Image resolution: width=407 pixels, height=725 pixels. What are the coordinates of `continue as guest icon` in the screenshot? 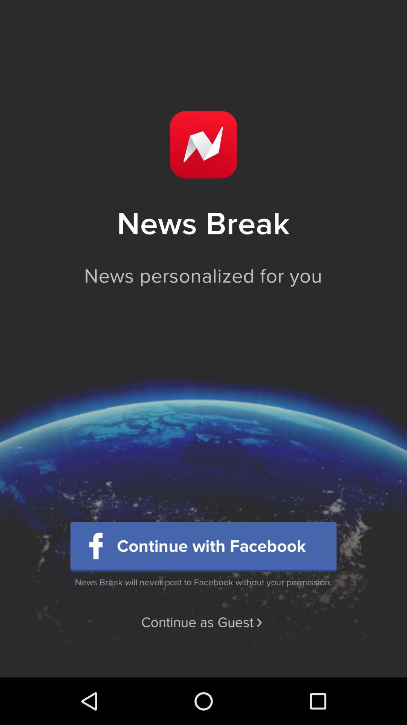 It's located at (203, 623).